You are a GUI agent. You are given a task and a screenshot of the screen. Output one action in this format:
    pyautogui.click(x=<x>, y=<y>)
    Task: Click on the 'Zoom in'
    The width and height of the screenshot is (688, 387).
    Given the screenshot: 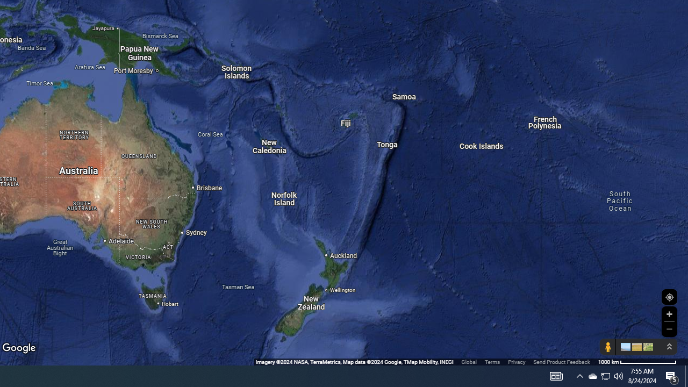 What is the action you would take?
    pyautogui.click(x=669, y=314)
    